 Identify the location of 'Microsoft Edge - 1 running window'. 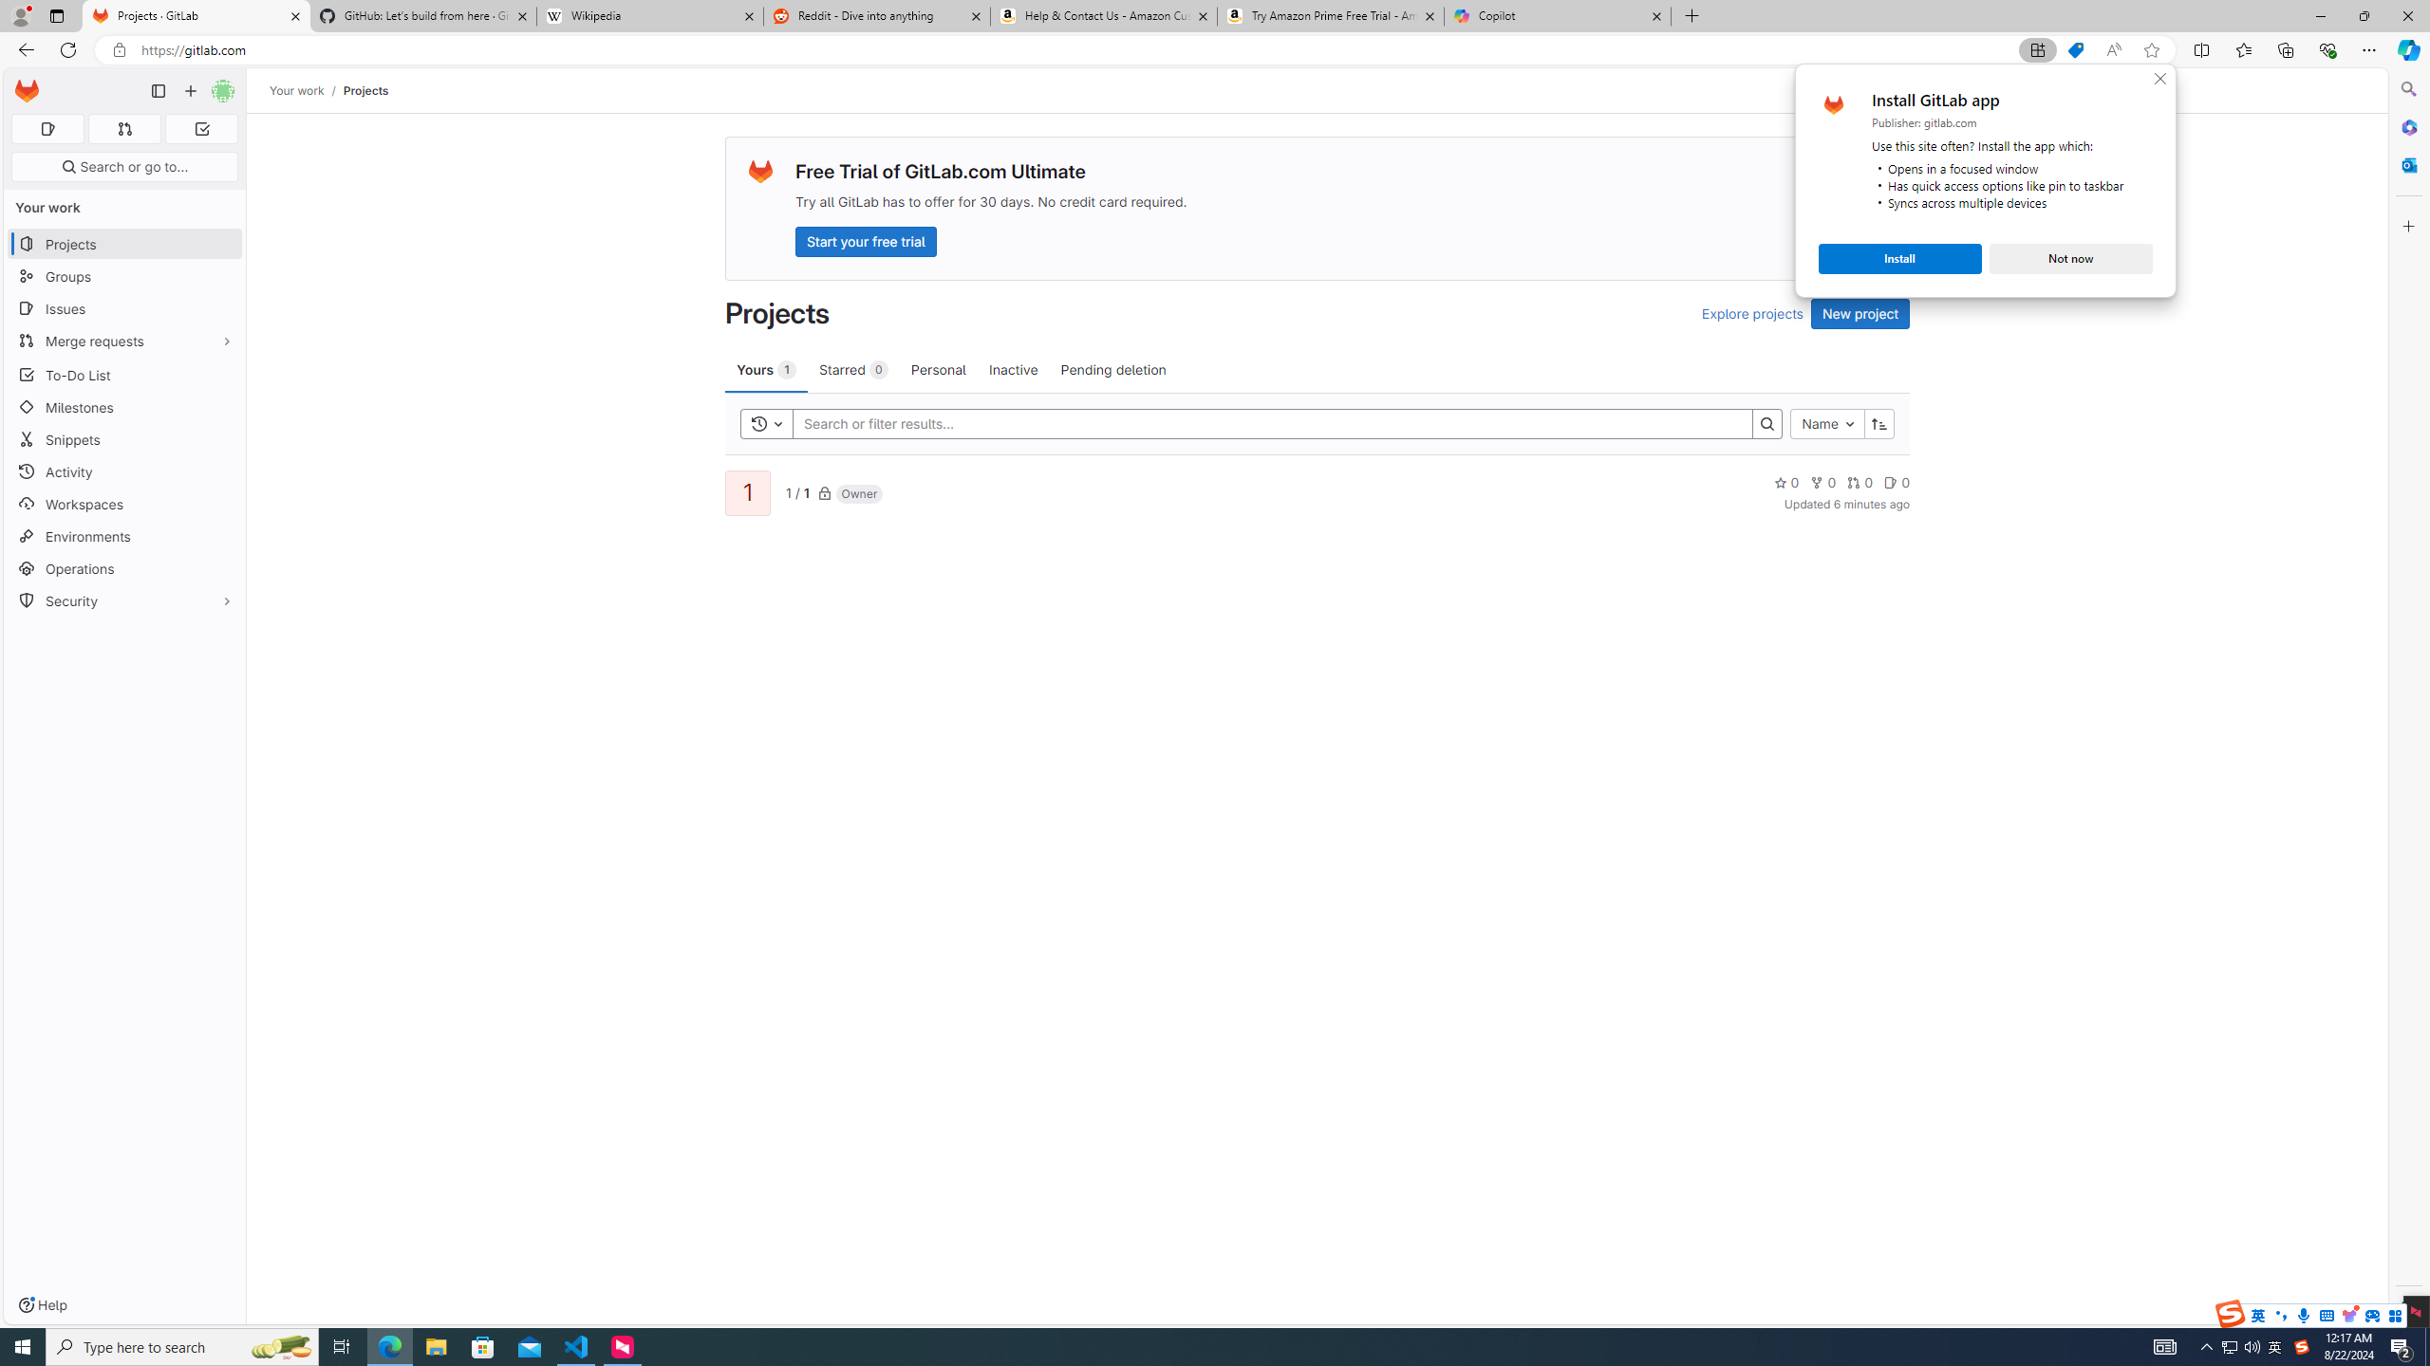
(388, 1345).